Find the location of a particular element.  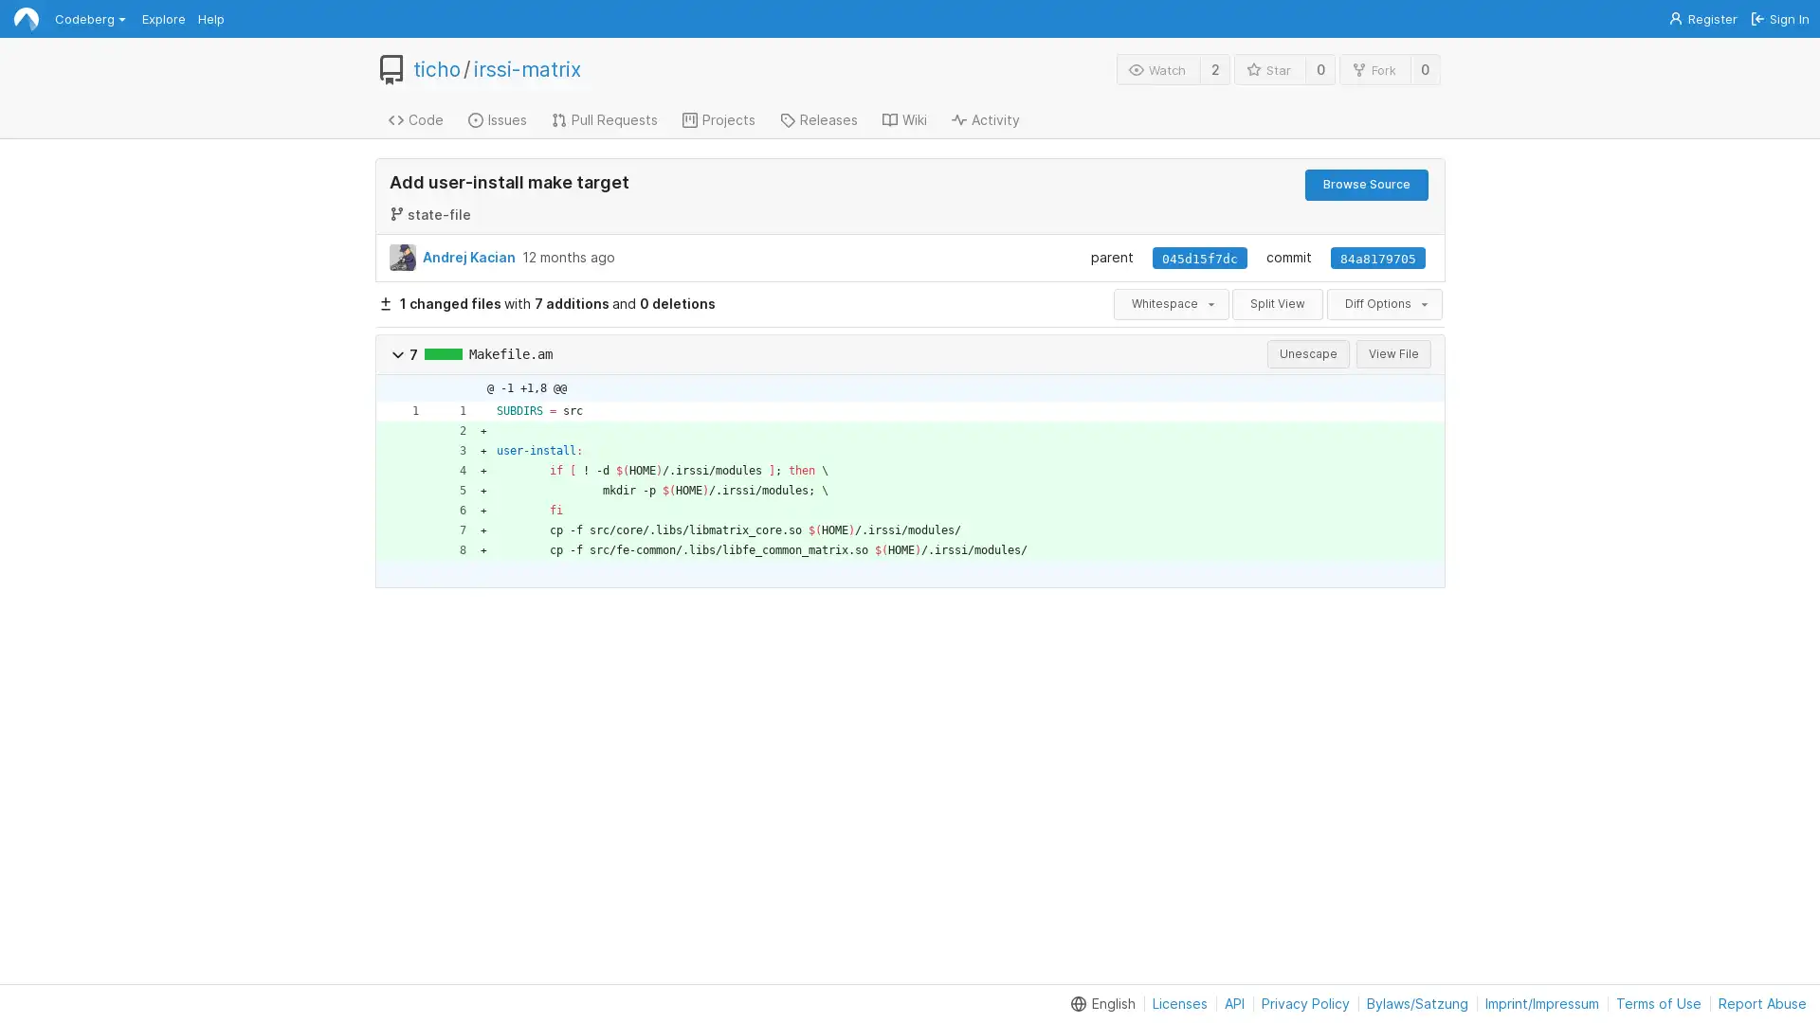

Star is located at coordinates (1269, 68).